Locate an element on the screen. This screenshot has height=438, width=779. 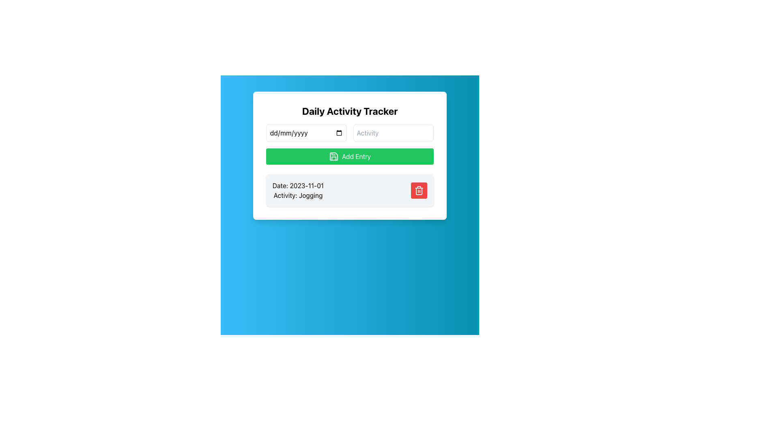
the save or confirm action icon located above the 'Add Entry' text within the green button area is located at coordinates (334, 156).